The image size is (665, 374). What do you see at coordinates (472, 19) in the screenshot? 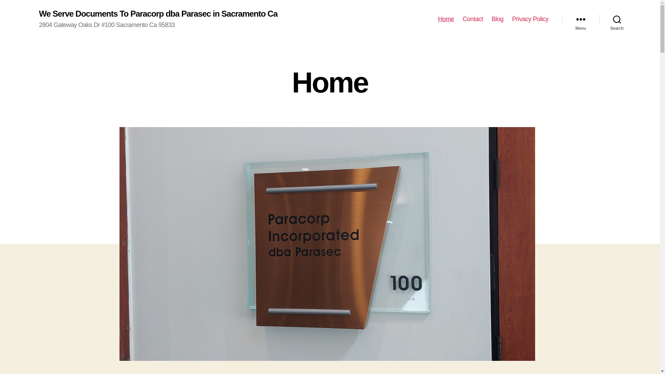
I see `'Contact'` at bounding box center [472, 19].